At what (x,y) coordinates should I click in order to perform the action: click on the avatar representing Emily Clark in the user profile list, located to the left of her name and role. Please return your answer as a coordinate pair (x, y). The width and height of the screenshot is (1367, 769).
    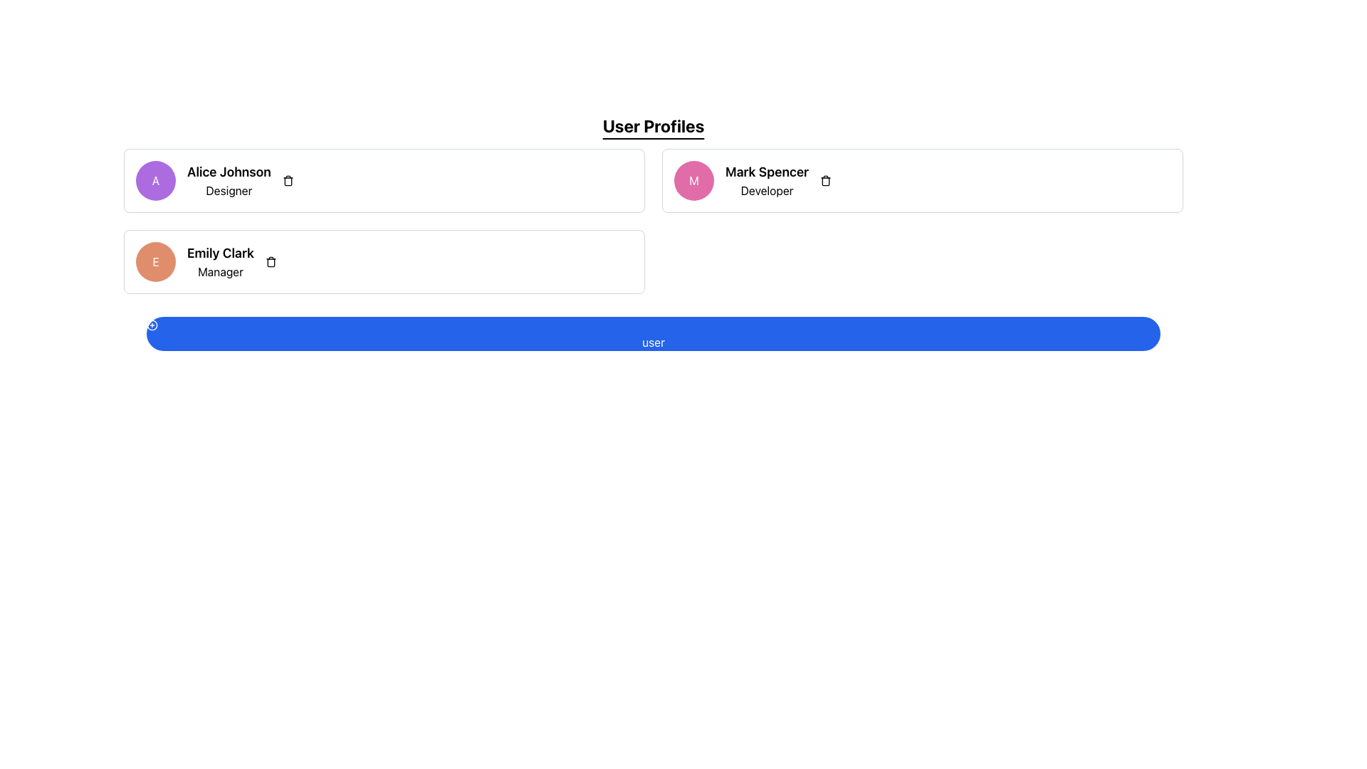
    Looking at the image, I should click on (156, 261).